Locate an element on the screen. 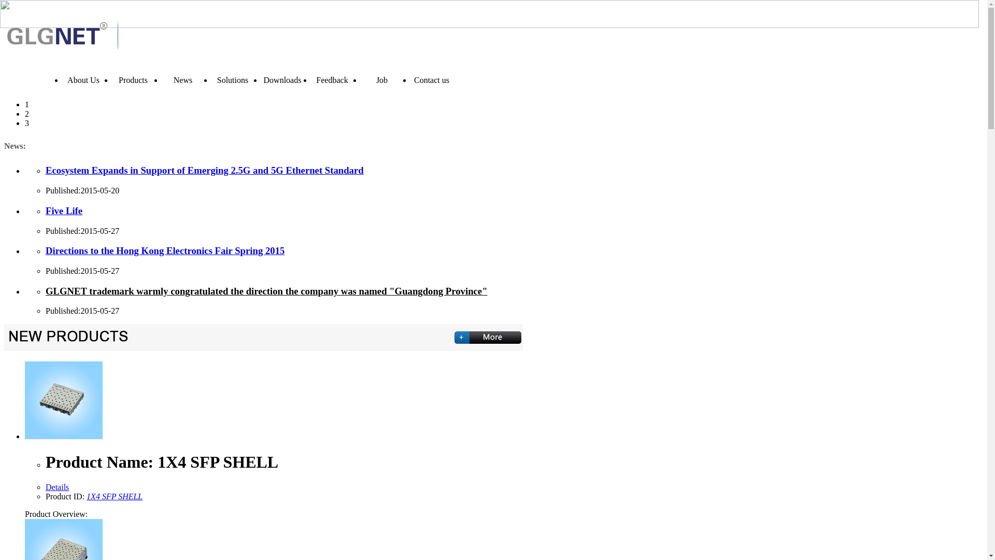 The height and width of the screenshot is (560, 995). 'Five Life' is located at coordinates (63, 210).